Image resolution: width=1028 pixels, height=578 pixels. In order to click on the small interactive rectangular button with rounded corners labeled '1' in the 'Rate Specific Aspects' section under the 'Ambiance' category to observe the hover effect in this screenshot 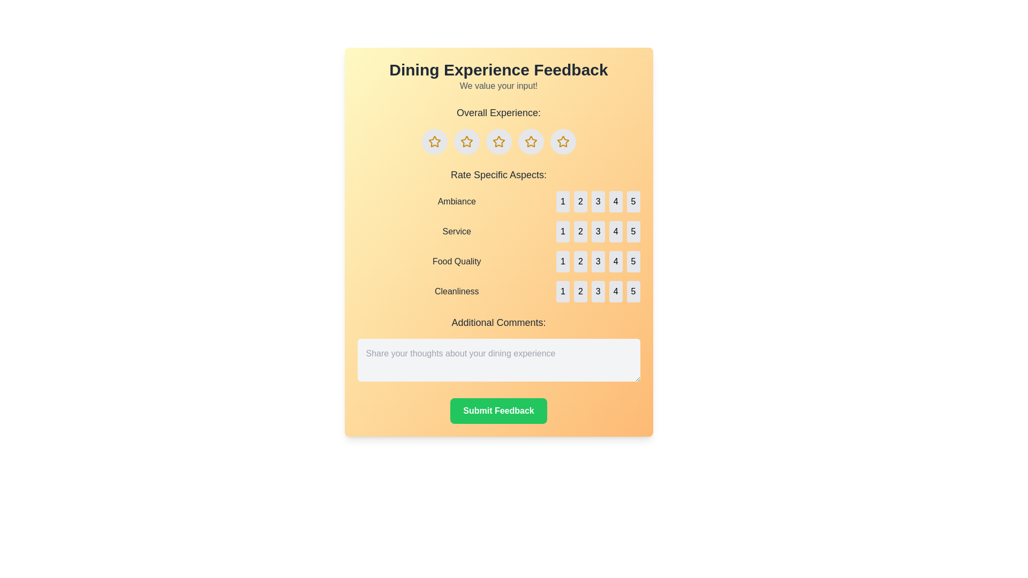, I will do `click(562, 202)`.